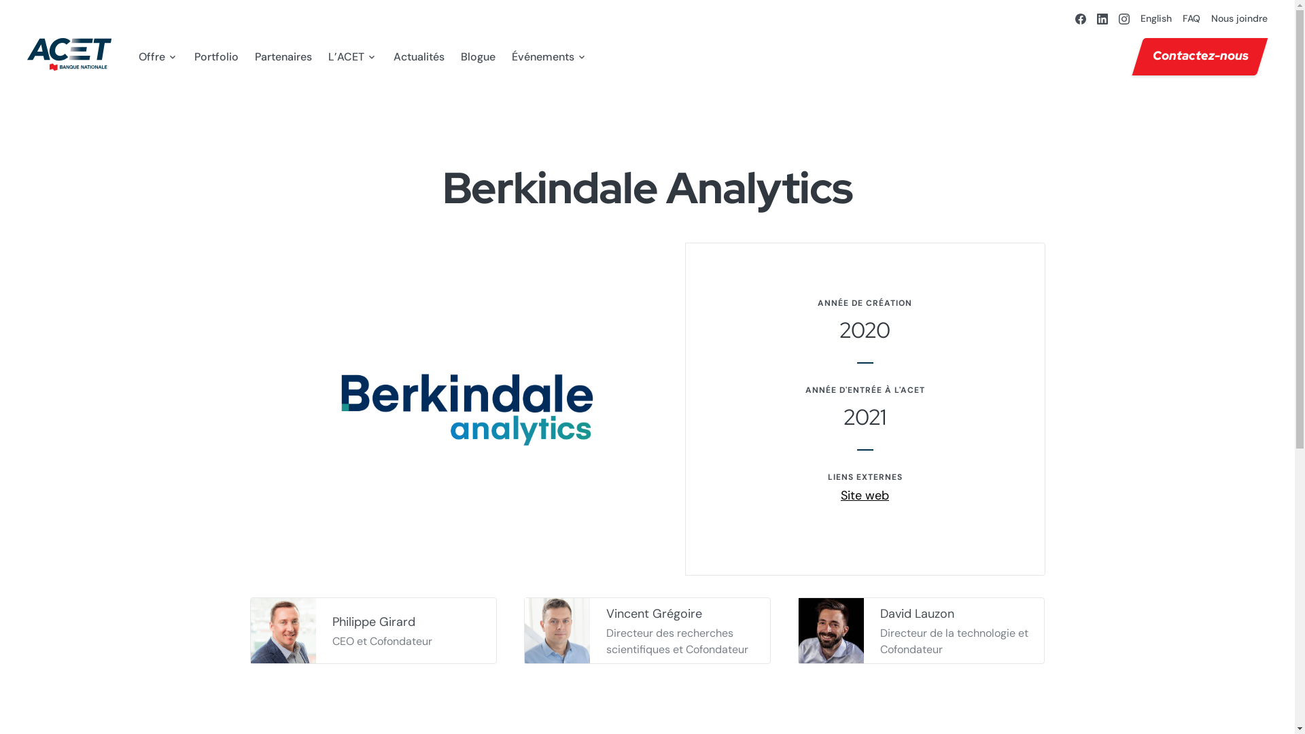  I want to click on 'Contactez-nous', so click(1194, 56).